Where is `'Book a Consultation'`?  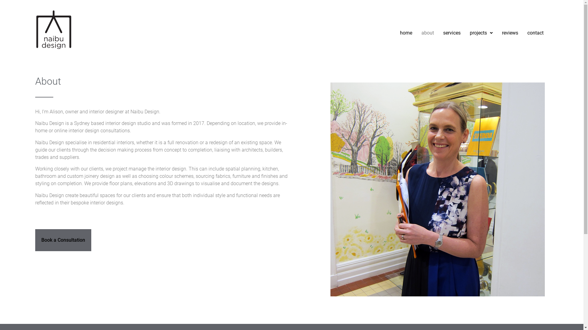
'Book a Consultation' is located at coordinates (35, 240).